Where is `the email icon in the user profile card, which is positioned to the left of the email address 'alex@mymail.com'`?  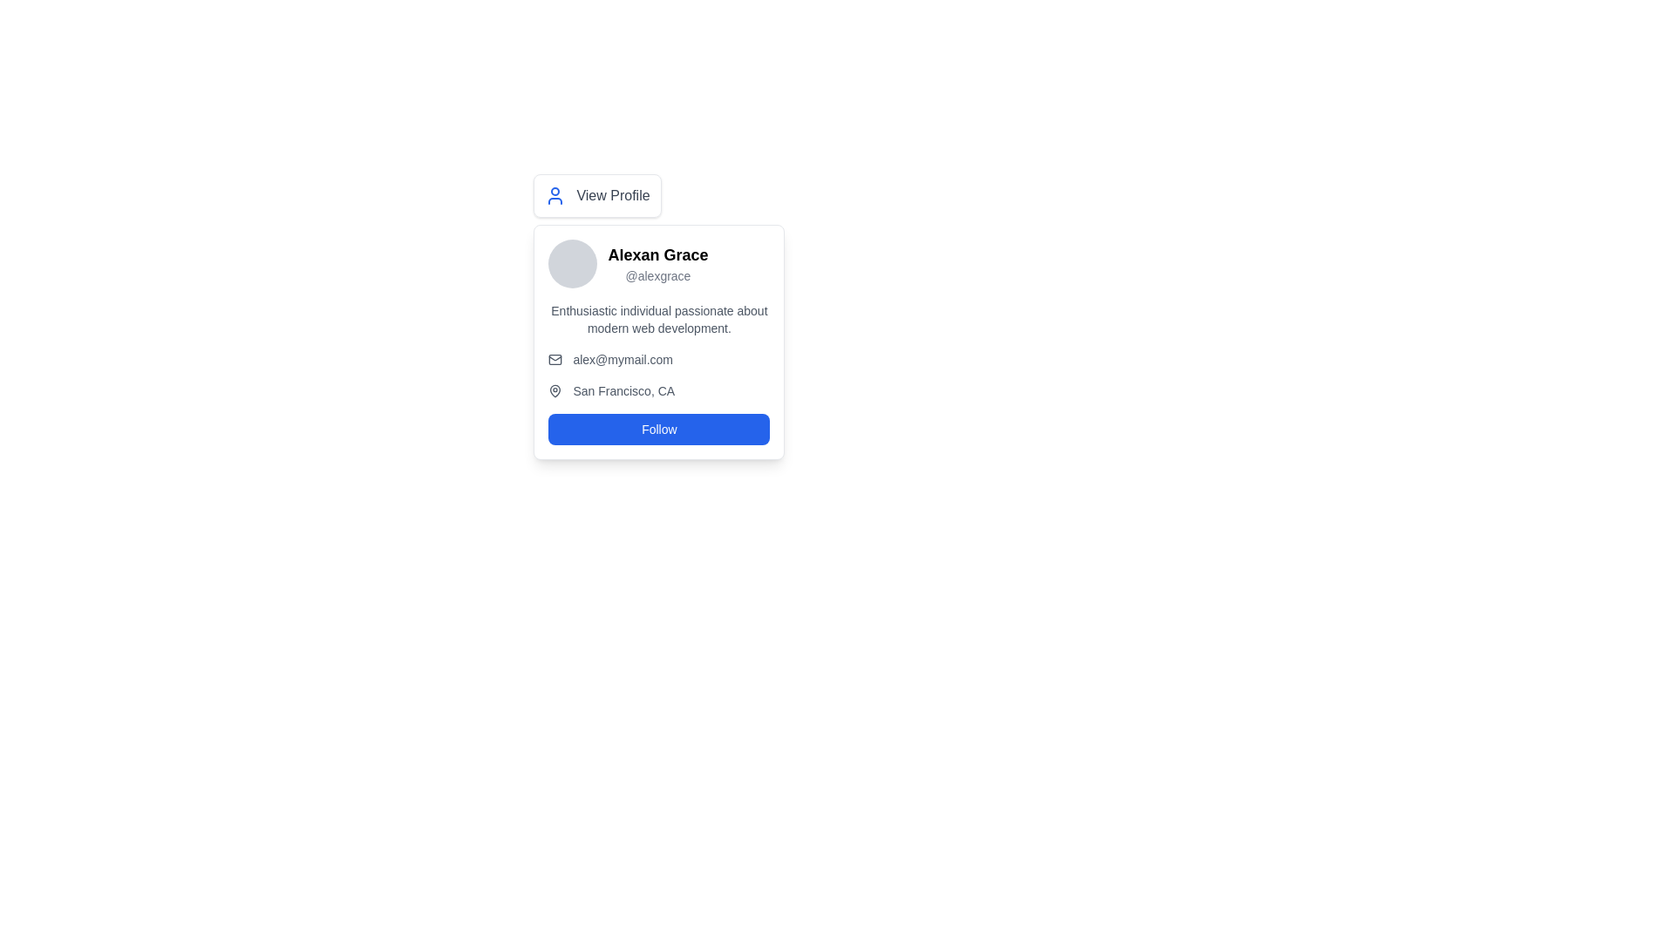
the email icon in the user profile card, which is positioned to the left of the email address 'alex@mymail.com' is located at coordinates (555, 358).